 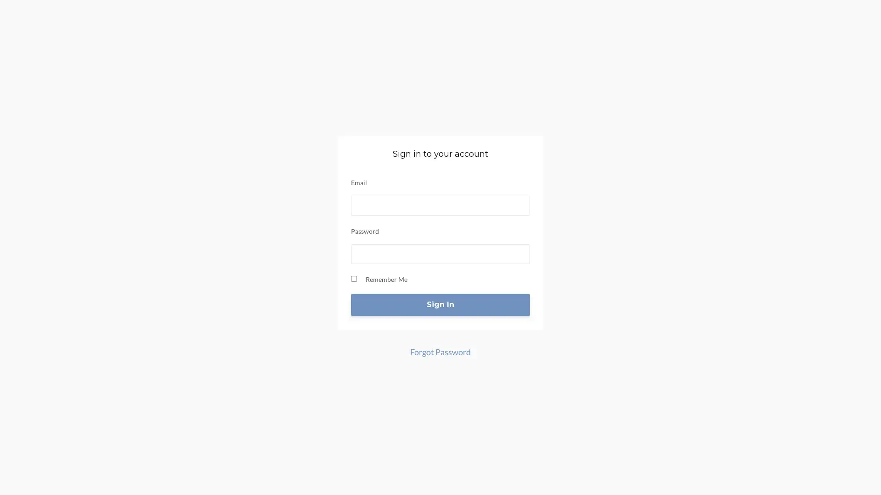 I want to click on Sign In, so click(x=440, y=304).